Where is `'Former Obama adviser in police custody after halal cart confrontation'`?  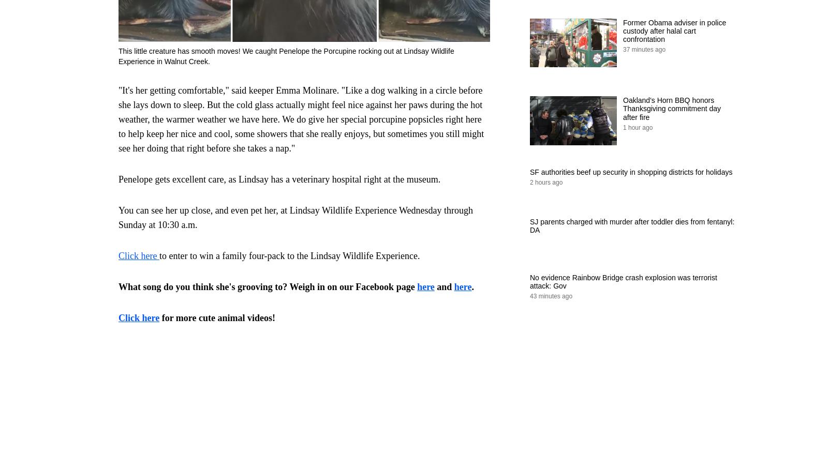 'Former Obama adviser in police custody after halal cart confrontation' is located at coordinates (623, 31).